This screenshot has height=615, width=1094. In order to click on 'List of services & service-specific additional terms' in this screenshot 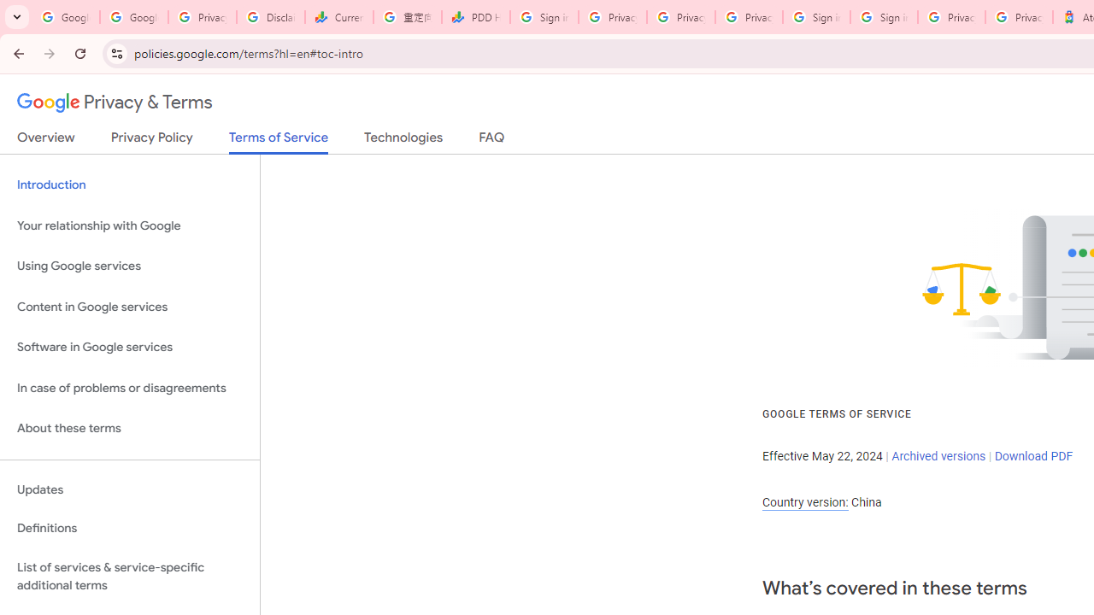, I will do `click(129, 577)`.